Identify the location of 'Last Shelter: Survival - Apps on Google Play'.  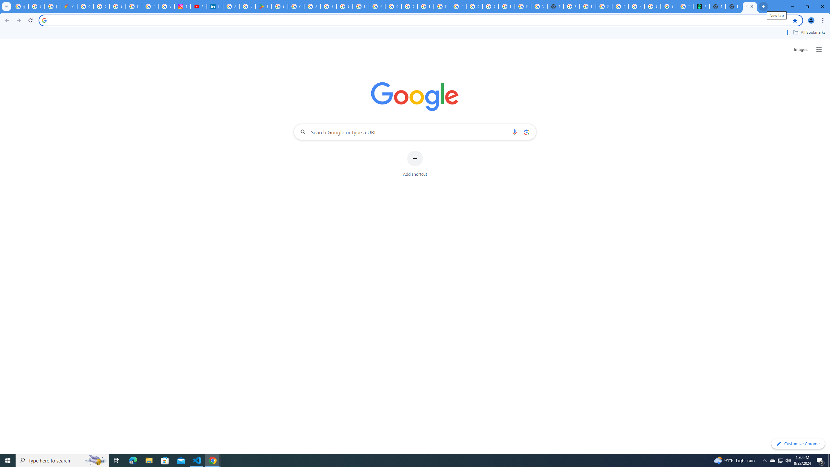
(263, 6).